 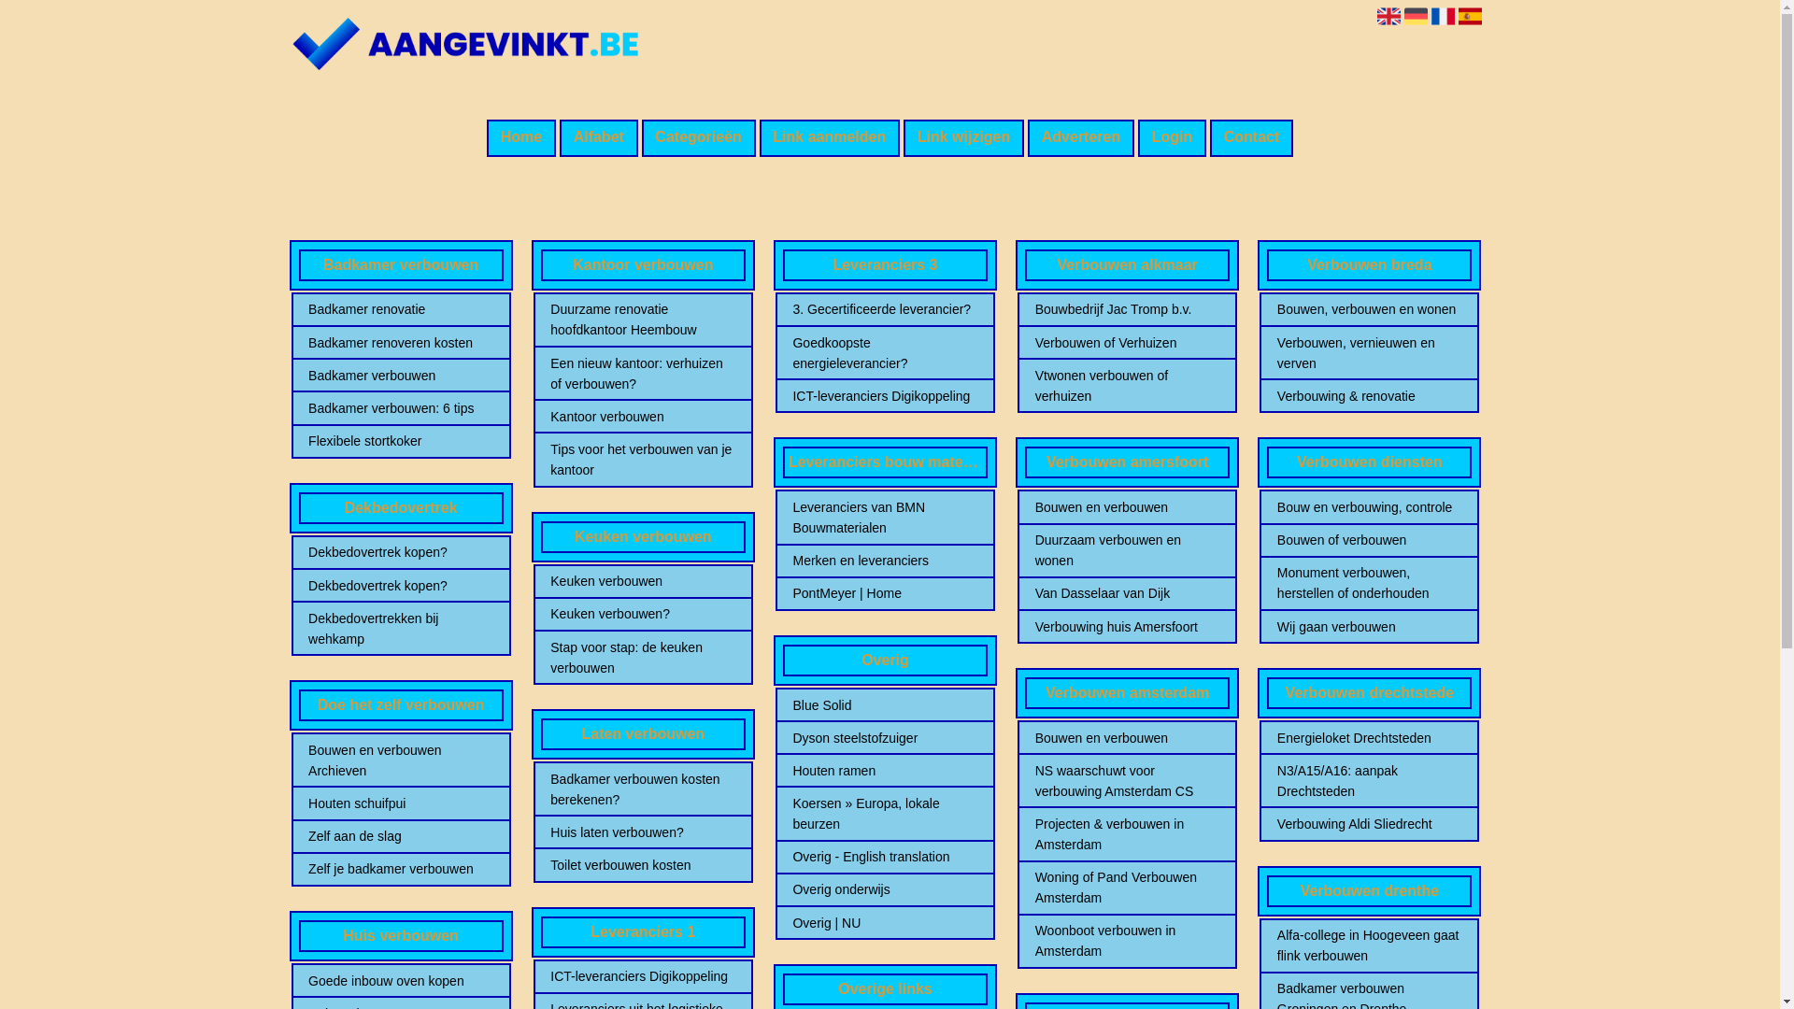 What do you see at coordinates (399, 342) in the screenshot?
I see `'Badkamer renoveren kosten'` at bounding box center [399, 342].